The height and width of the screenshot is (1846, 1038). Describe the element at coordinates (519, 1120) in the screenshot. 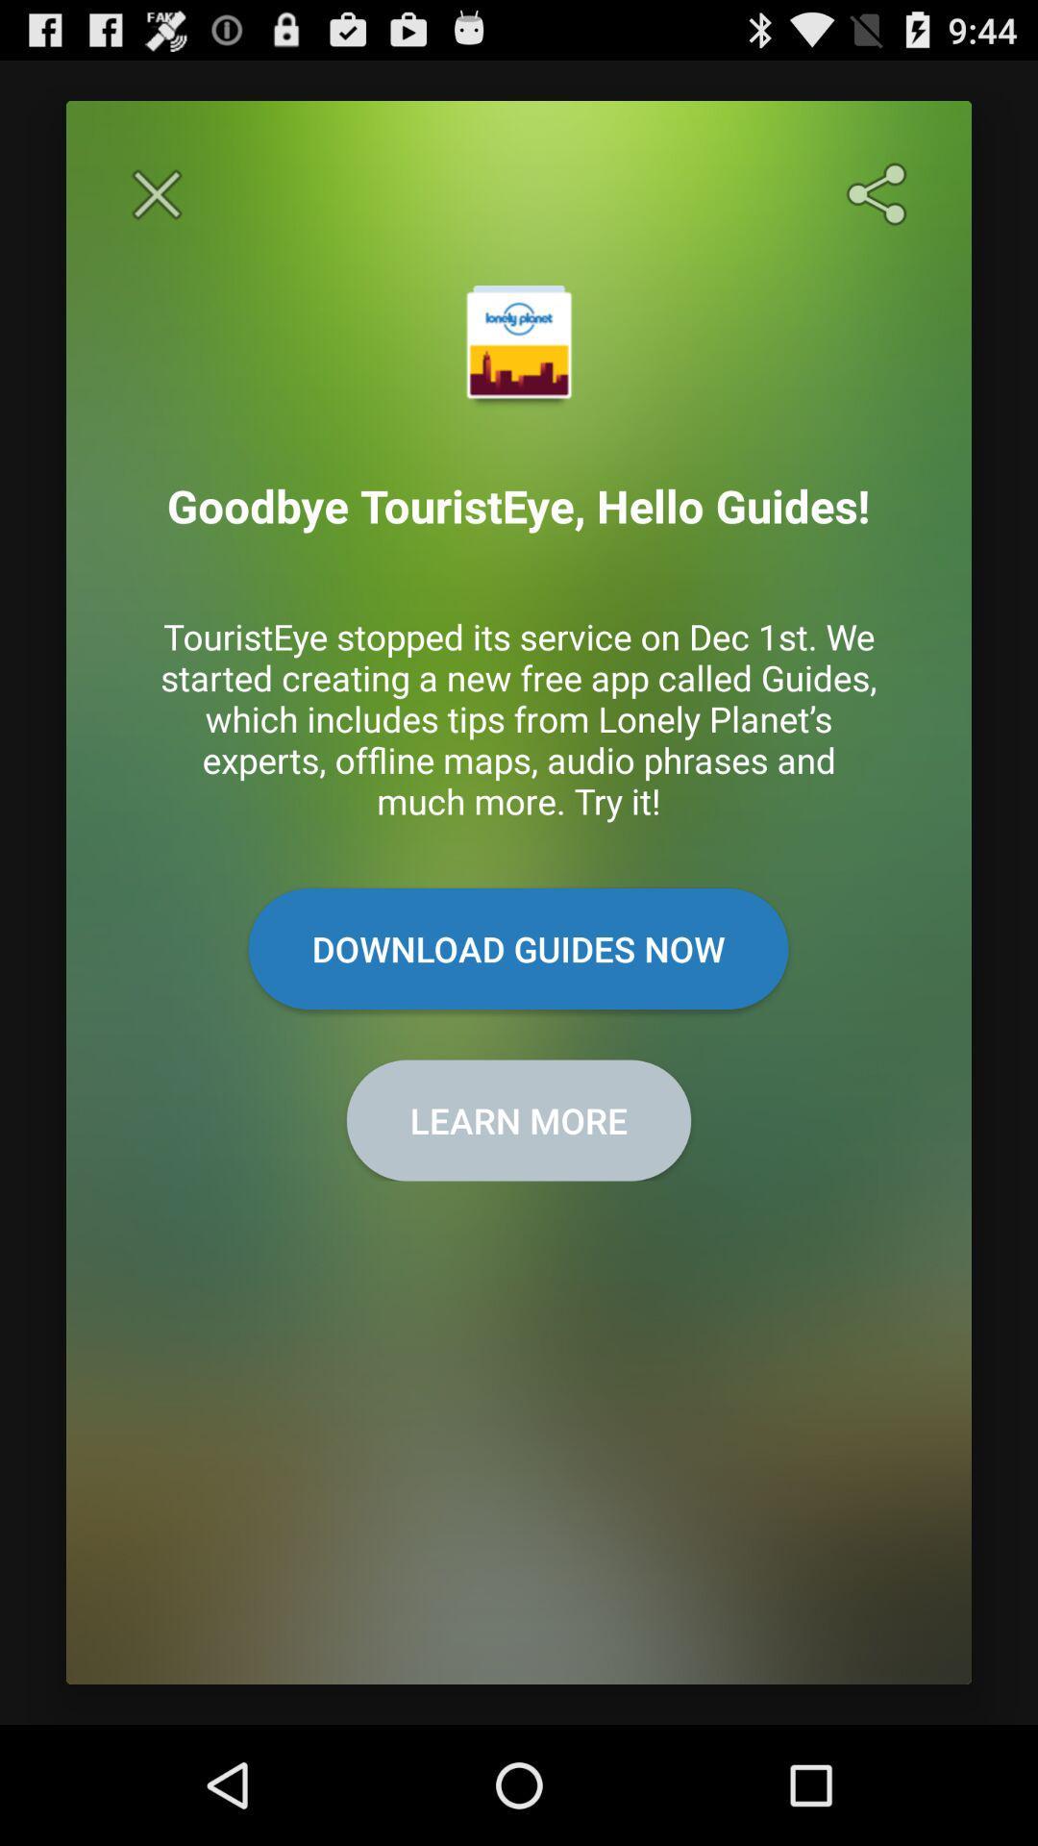

I see `learn more icon` at that location.